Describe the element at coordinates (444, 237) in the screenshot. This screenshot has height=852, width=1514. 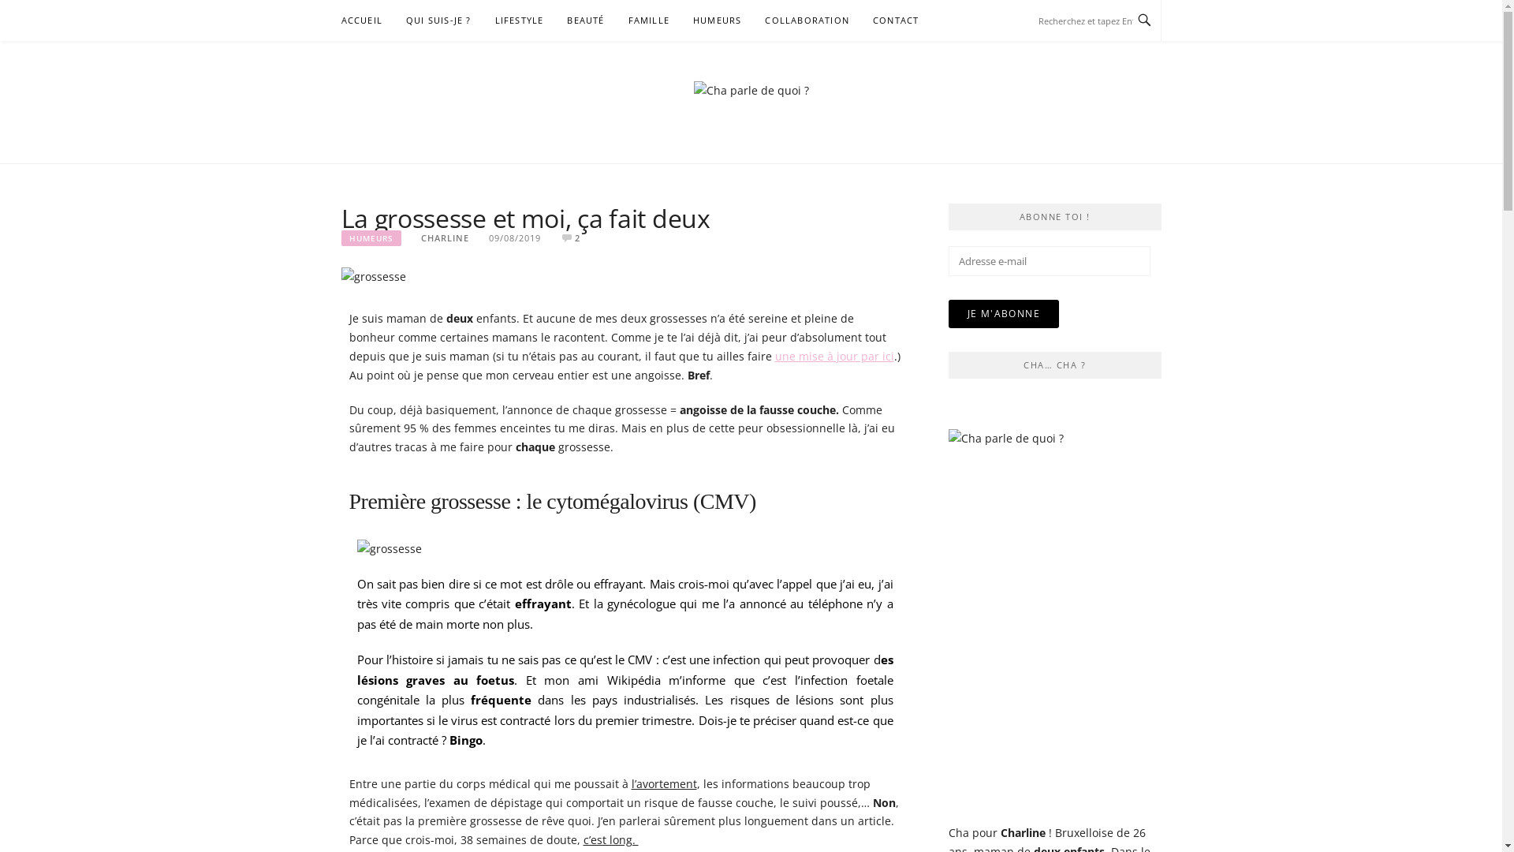
I see `'CHARLINE'` at that location.